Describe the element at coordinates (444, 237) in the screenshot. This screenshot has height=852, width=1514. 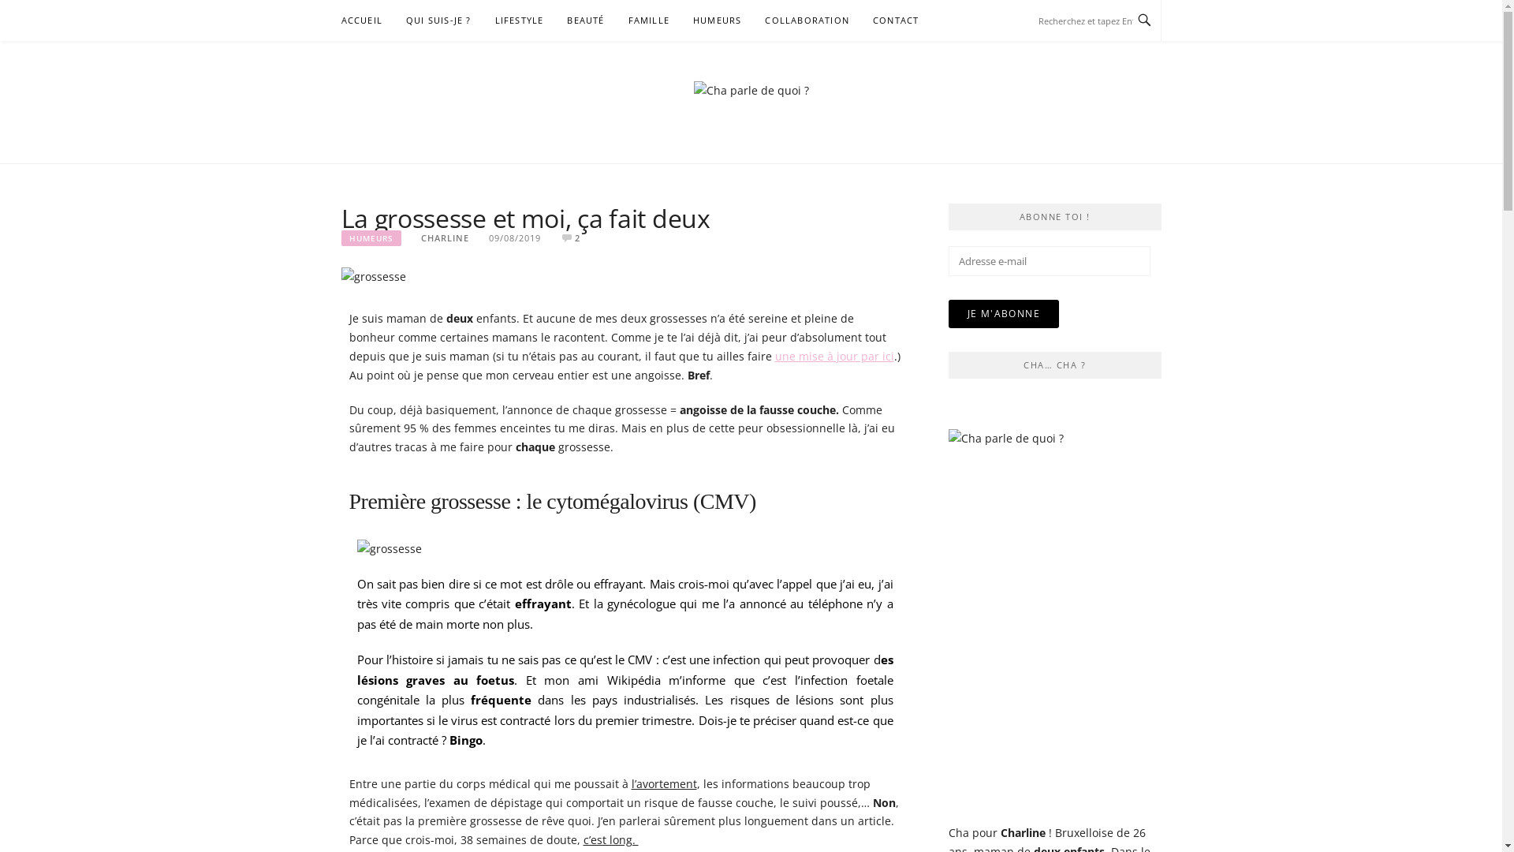
I see `'CHARLINE'` at that location.